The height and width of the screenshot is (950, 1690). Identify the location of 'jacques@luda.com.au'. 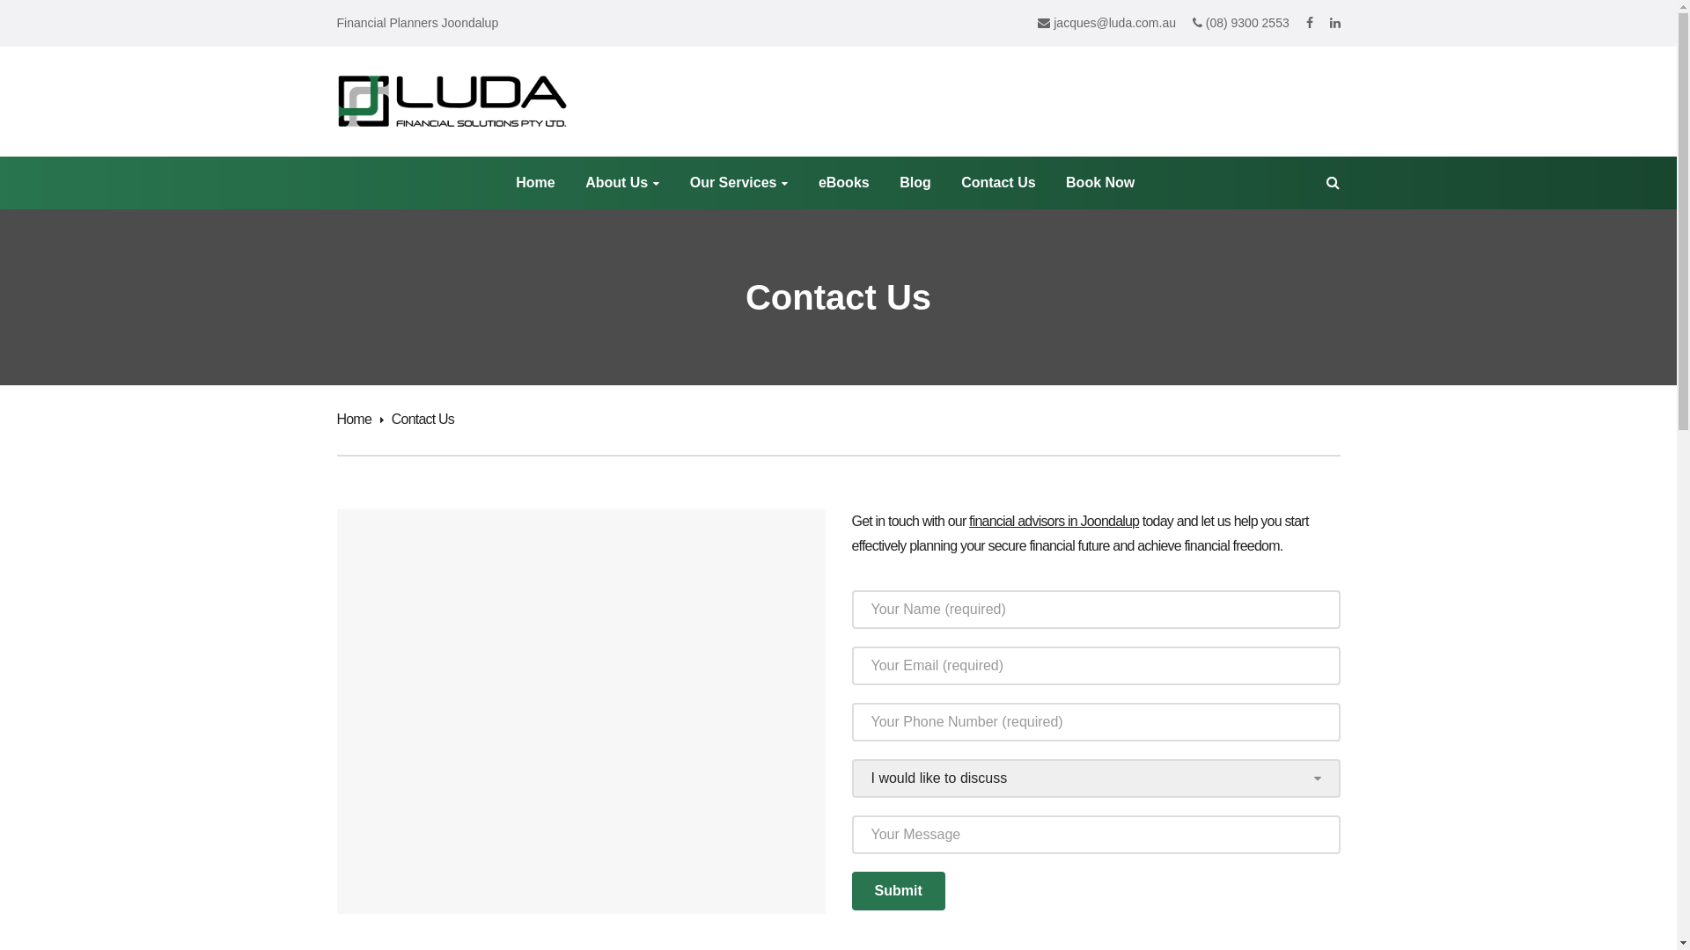
(1106, 23).